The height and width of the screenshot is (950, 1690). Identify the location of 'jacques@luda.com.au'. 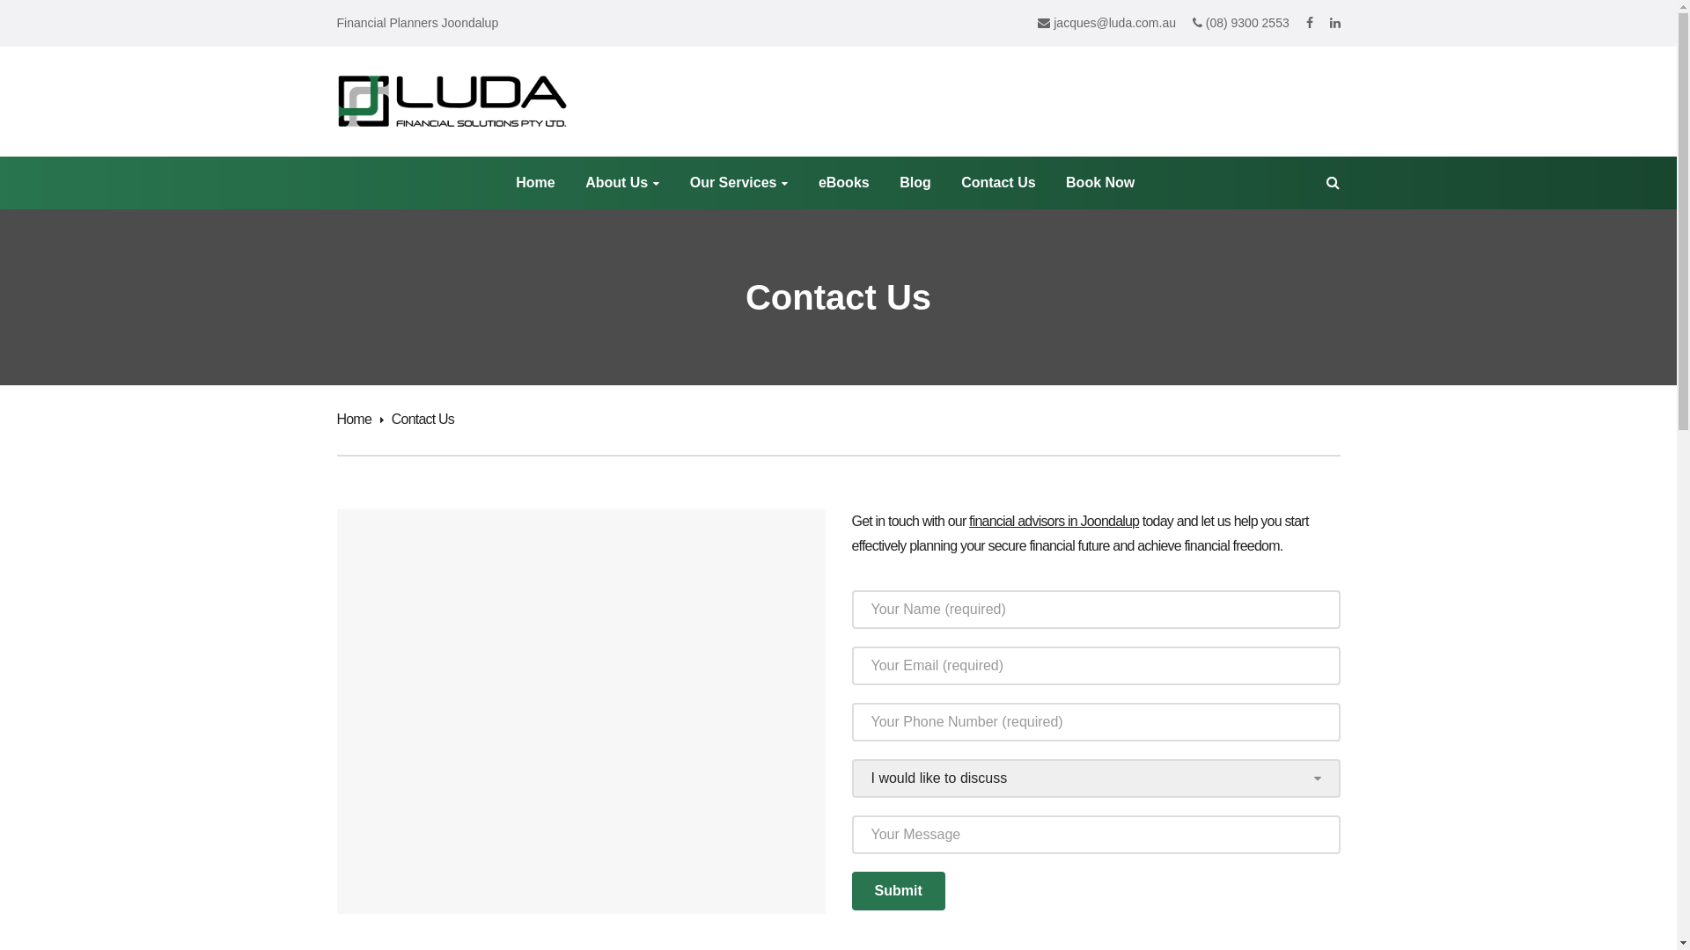
(1106, 23).